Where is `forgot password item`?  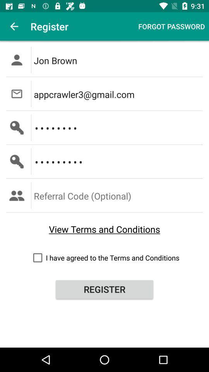
forgot password item is located at coordinates (171, 26).